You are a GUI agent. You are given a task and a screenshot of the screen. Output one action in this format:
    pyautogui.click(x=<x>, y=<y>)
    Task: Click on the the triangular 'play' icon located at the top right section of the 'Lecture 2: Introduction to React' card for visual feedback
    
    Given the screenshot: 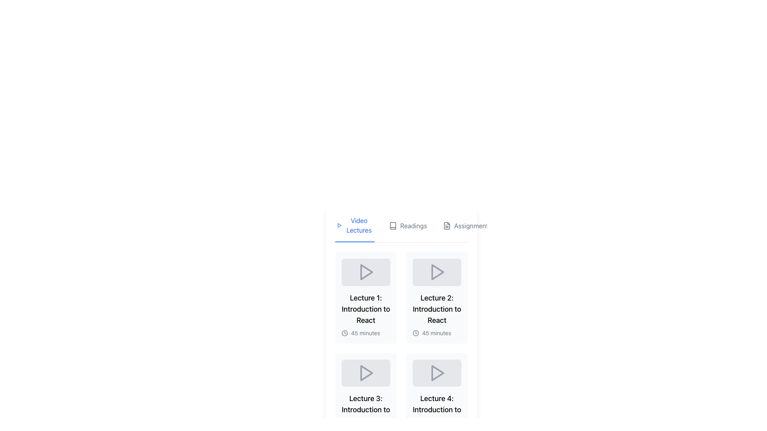 What is the action you would take?
    pyautogui.click(x=437, y=272)
    